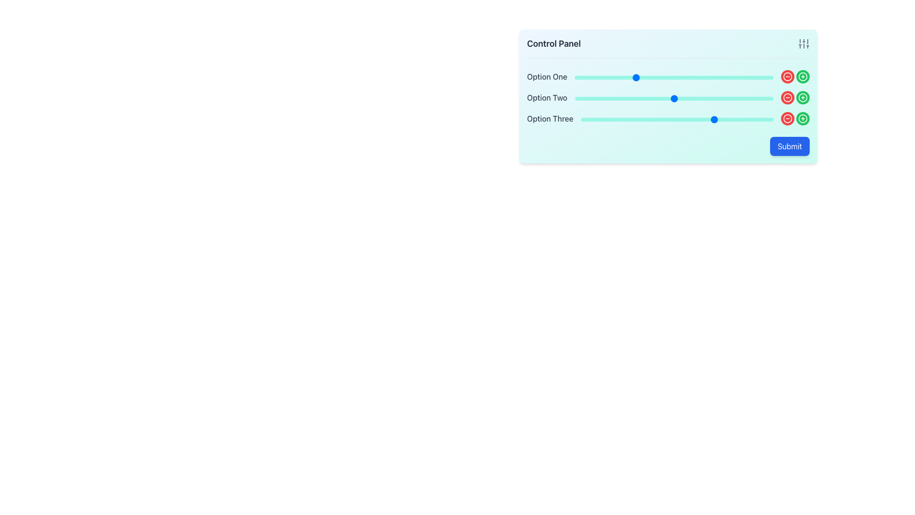 This screenshot has height=515, width=915. Describe the element at coordinates (734, 119) in the screenshot. I see `the slider for 'Option Three'` at that location.